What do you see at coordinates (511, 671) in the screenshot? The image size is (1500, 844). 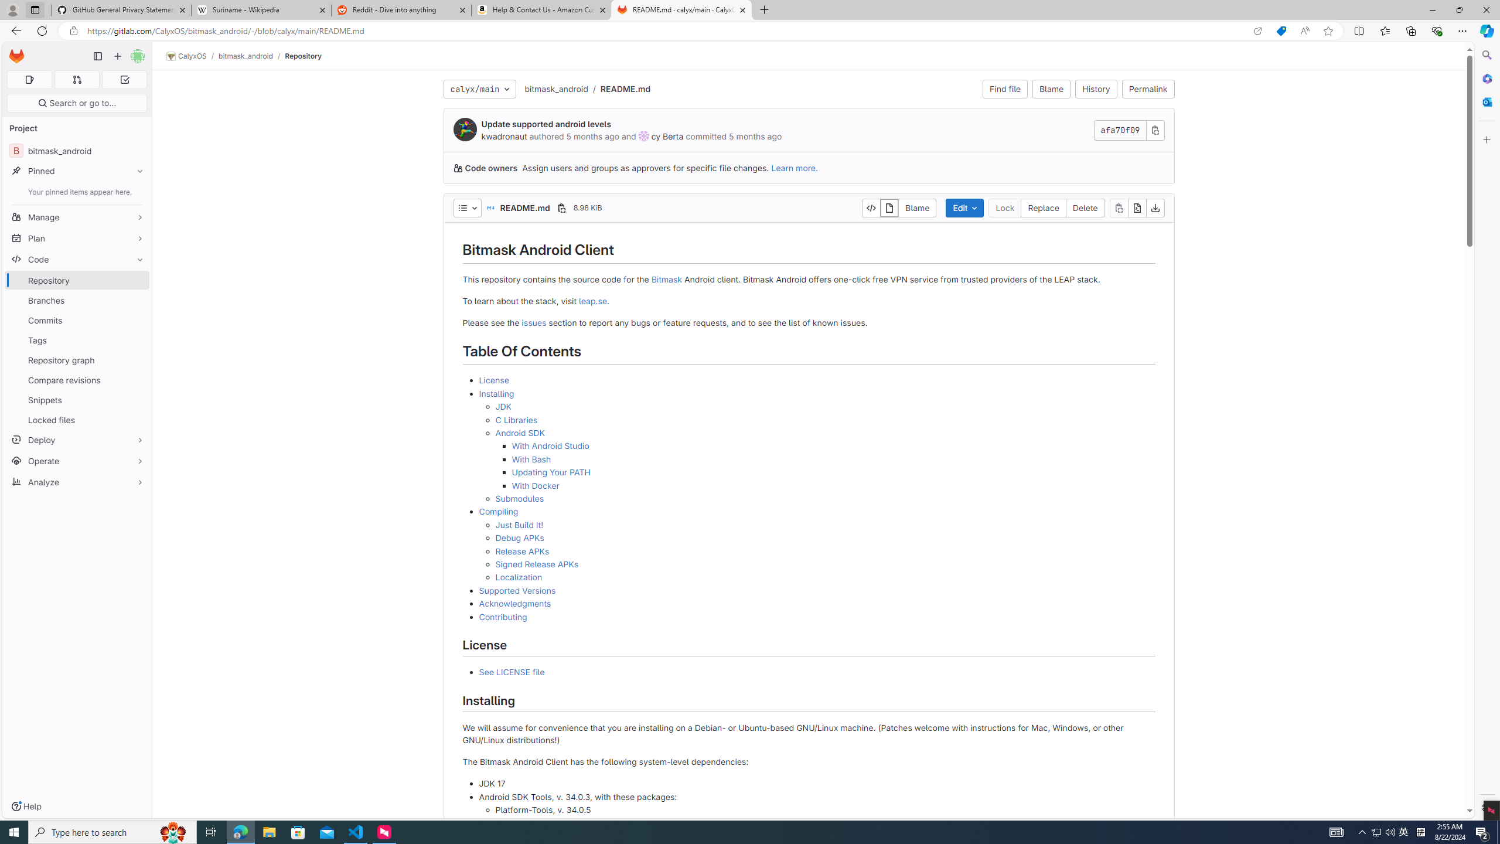 I see `'See LICENSE file'` at bounding box center [511, 671].